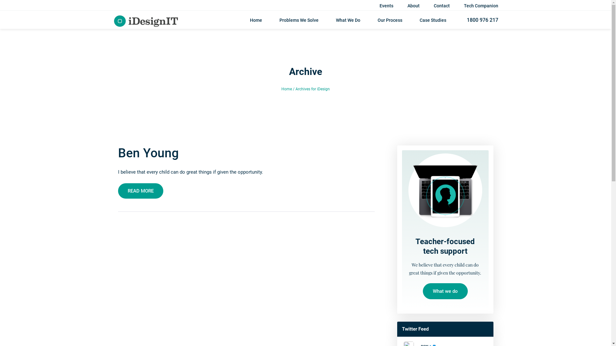 The width and height of the screenshot is (616, 346). What do you see at coordinates (407, 6) in the screenshot?
I see `'About'` at bounding box center [407, 6].